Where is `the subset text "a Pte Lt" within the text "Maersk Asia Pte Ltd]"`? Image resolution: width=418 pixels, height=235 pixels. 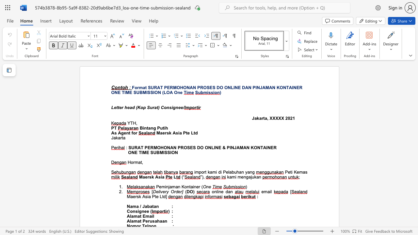 the subset text "a Pte Lt" within the text "Maersk Asia Pte Ltd]" is located at coordinates (148, 196).